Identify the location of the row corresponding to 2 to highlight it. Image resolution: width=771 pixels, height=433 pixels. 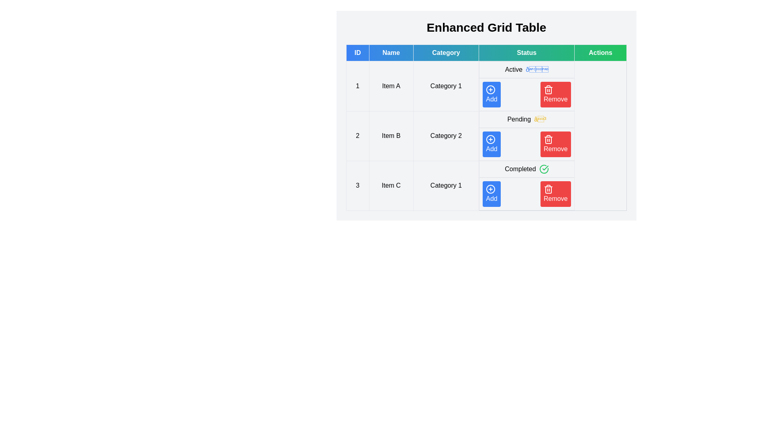
(486, 136).